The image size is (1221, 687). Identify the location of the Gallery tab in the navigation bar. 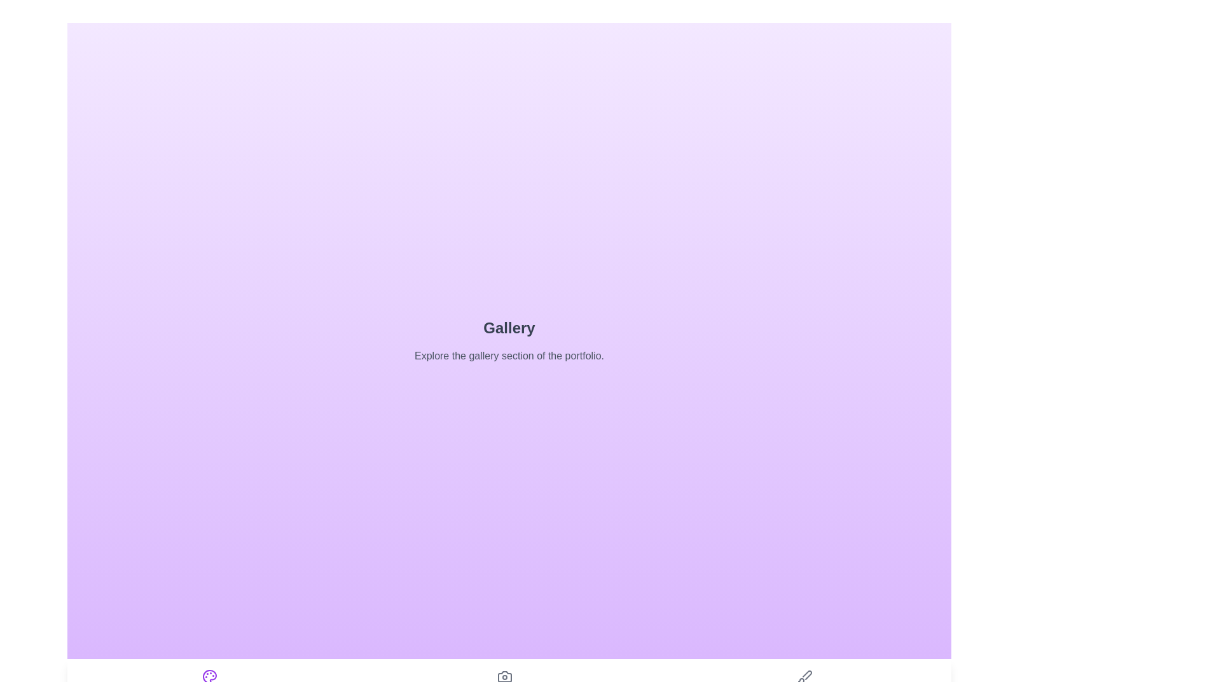
(209, 684).